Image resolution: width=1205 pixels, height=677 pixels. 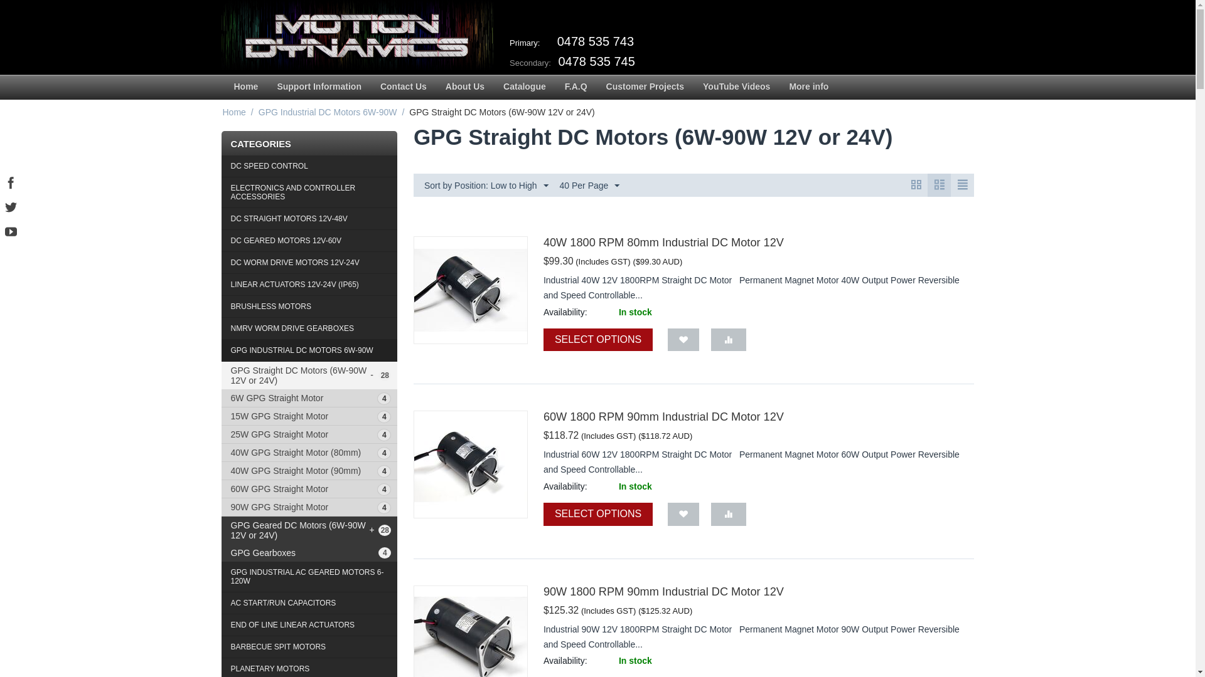 I want to click on 'Home', so click(x=220, y=111).